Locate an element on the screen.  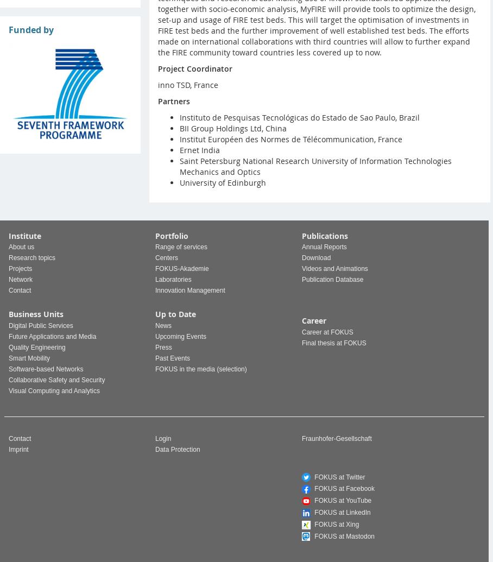
'Fraunhofer-Gesellschaft' is located at coordinates (336, 437).